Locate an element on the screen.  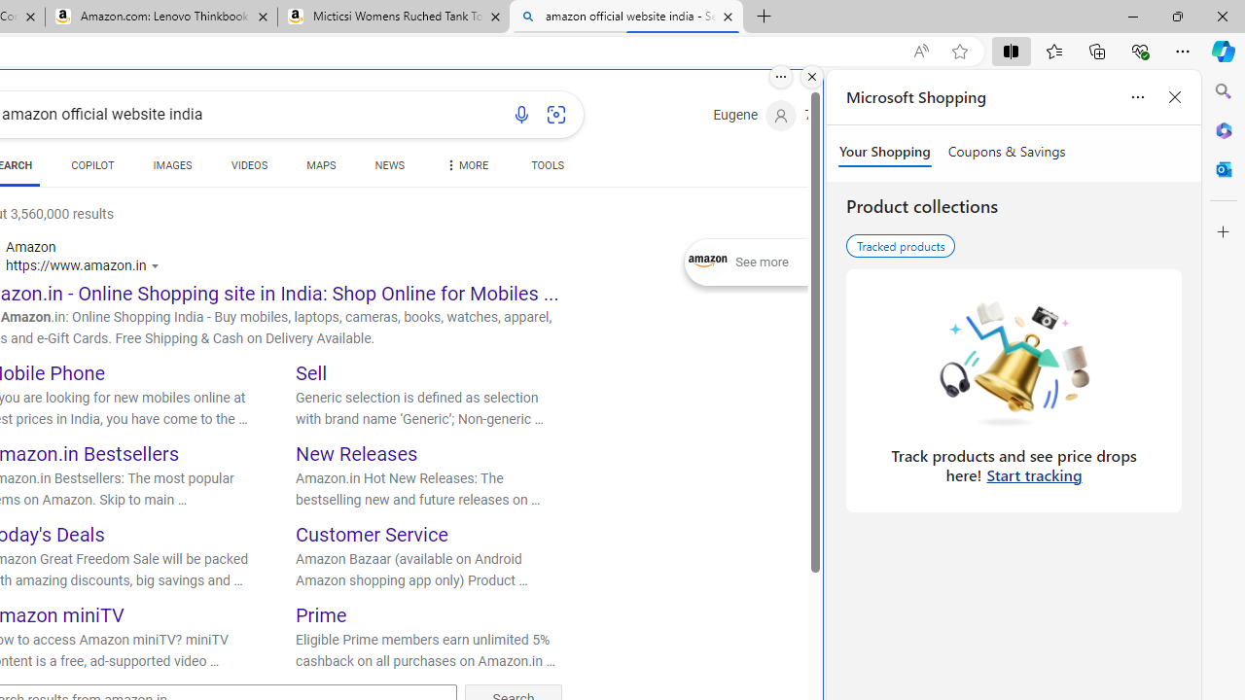
'amazon official website india - Search' is located at coordinates (625, 17).